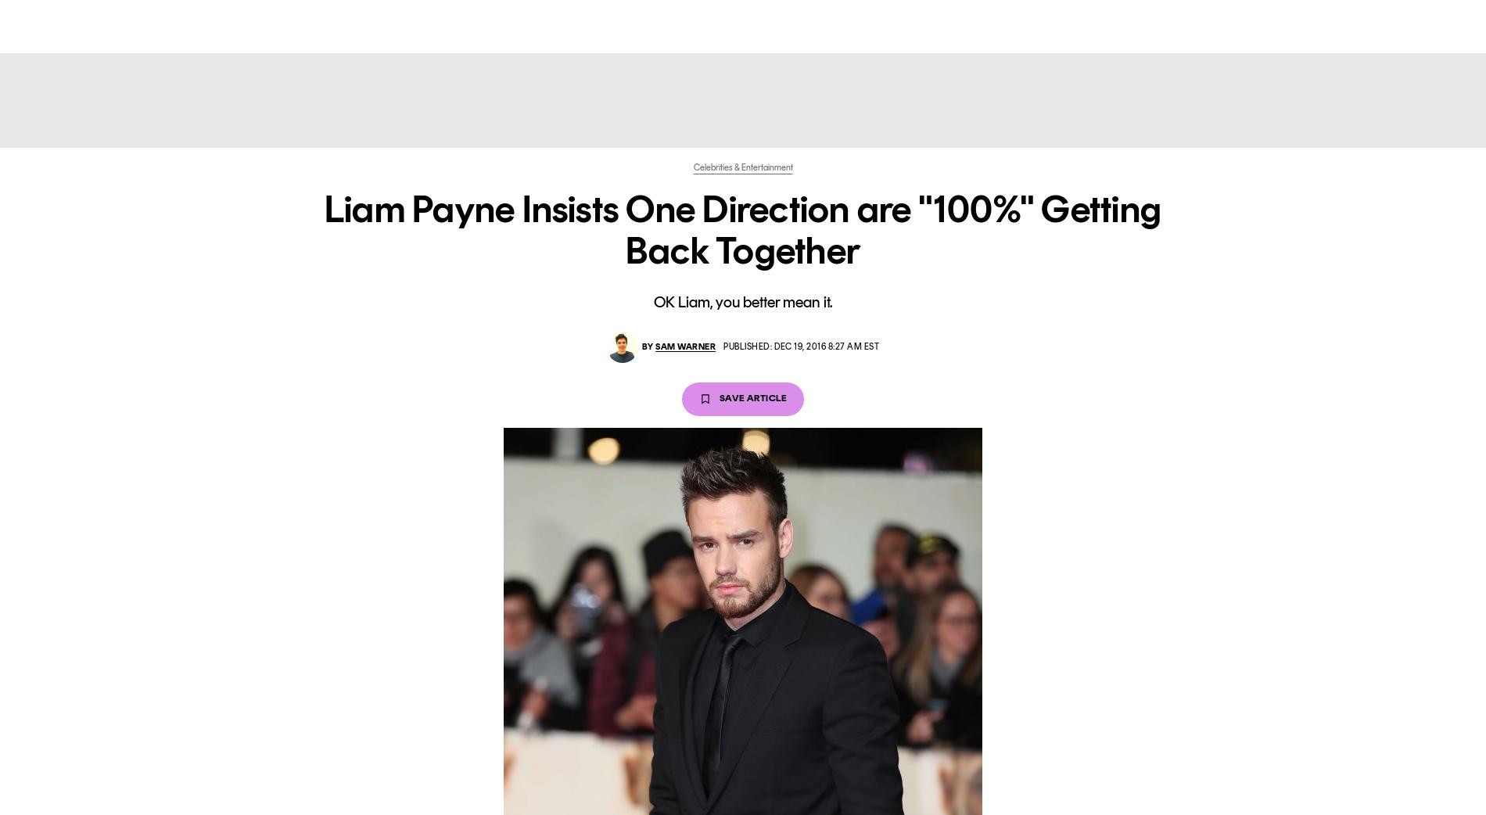 This screenshot has width=1486, height=815. What do you see at coordinates (584, 24) in the screenshot?
I see `'Style'` at bounding box center [584, 24].